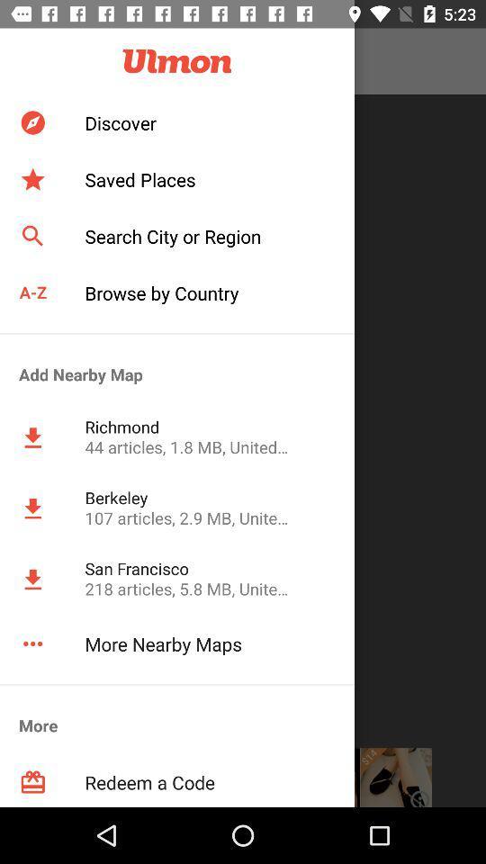 The image size is (486, 864). What do you see at coordinates (32, 179) in the screenshot?
I see `icon next to saved places` at bounding box center [32, 179].